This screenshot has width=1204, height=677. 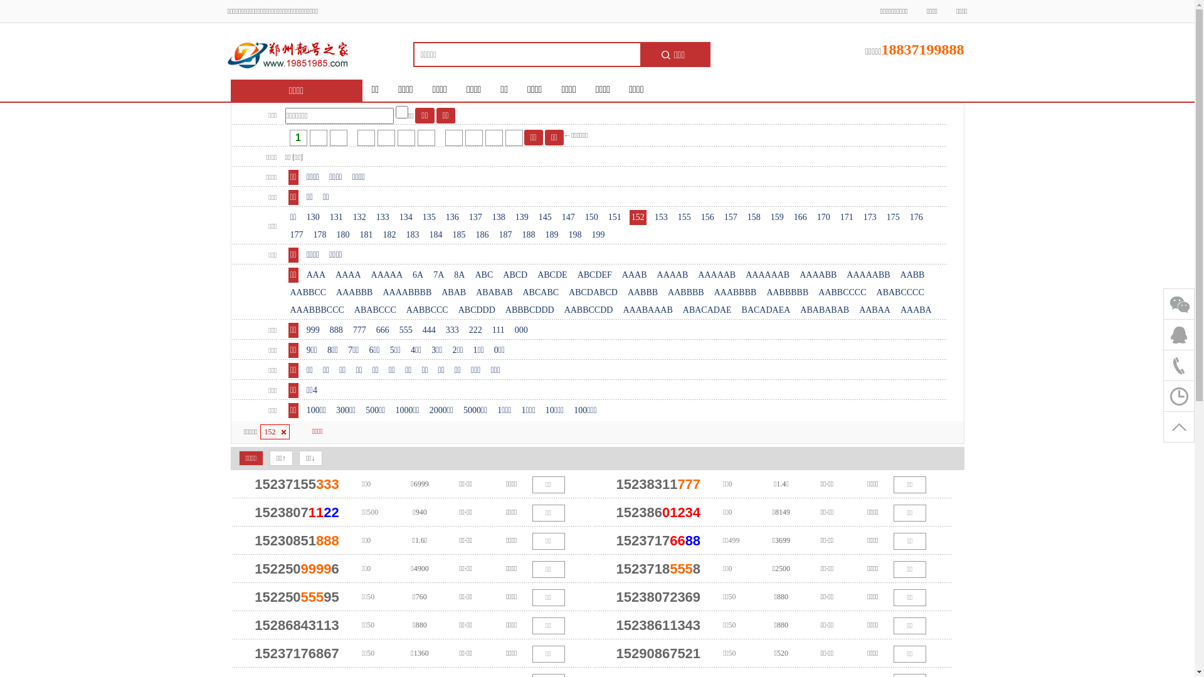 What do you see at coordinates (336, 217) in the screenshot?
I see `'131'` at bounding box center [336, 217].